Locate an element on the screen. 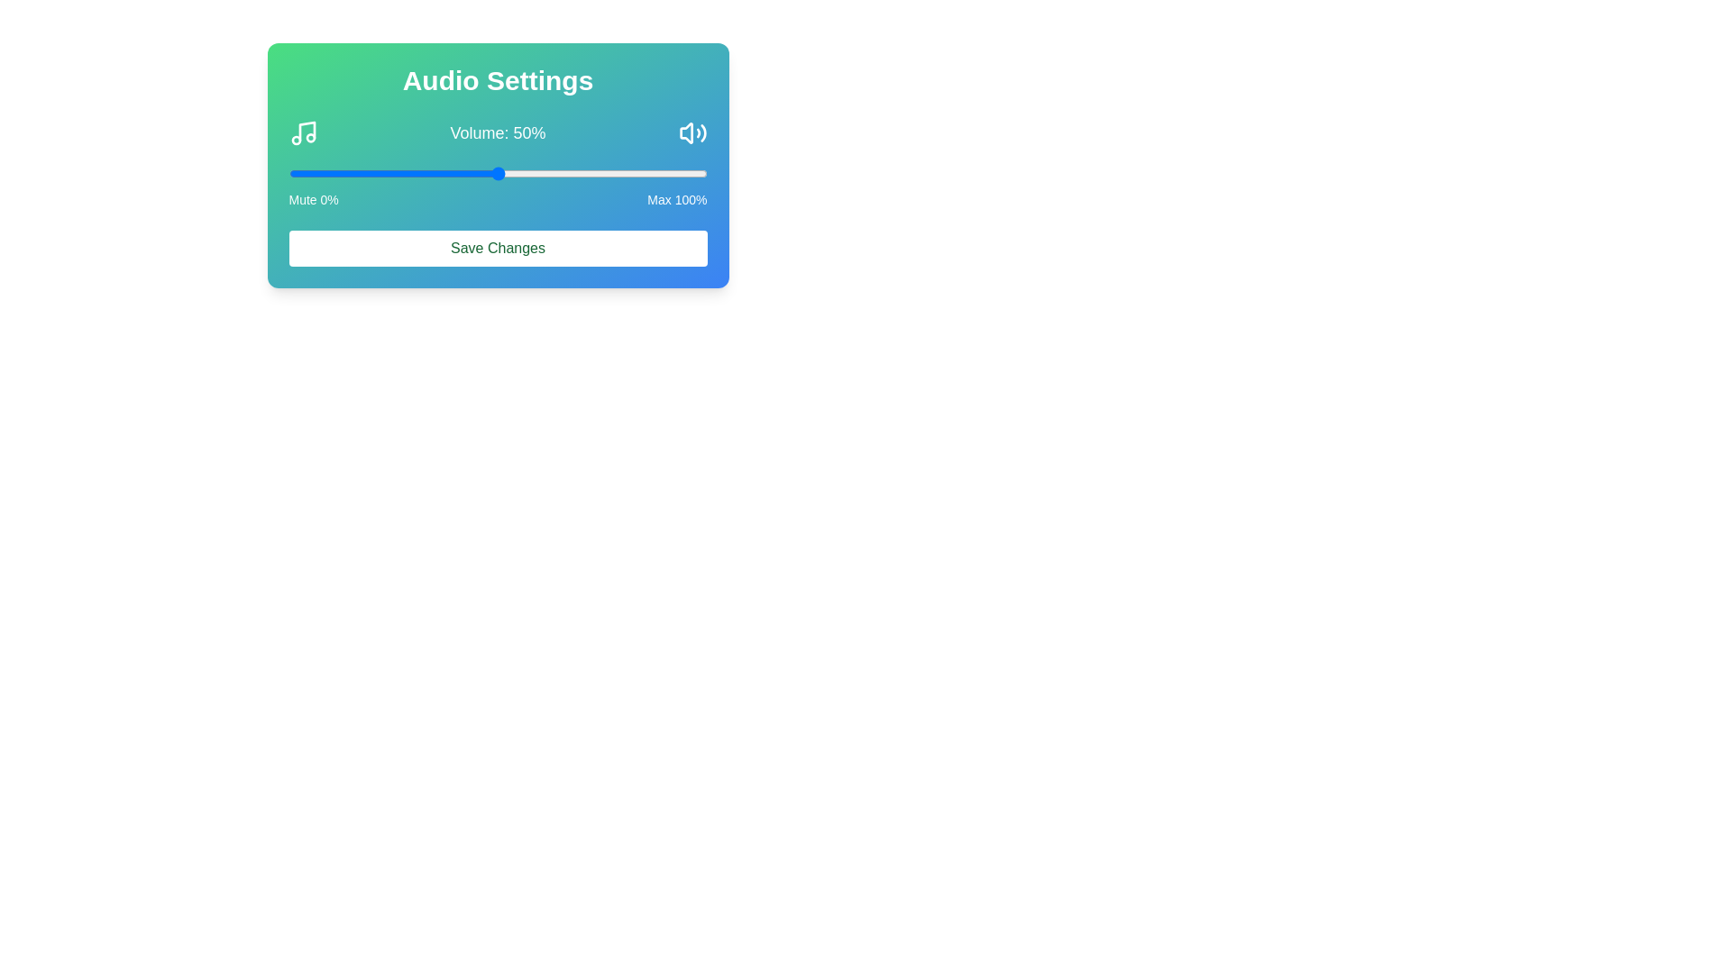  the interactive element volume_slider to observe its effects is located at coordinates (498, 173).